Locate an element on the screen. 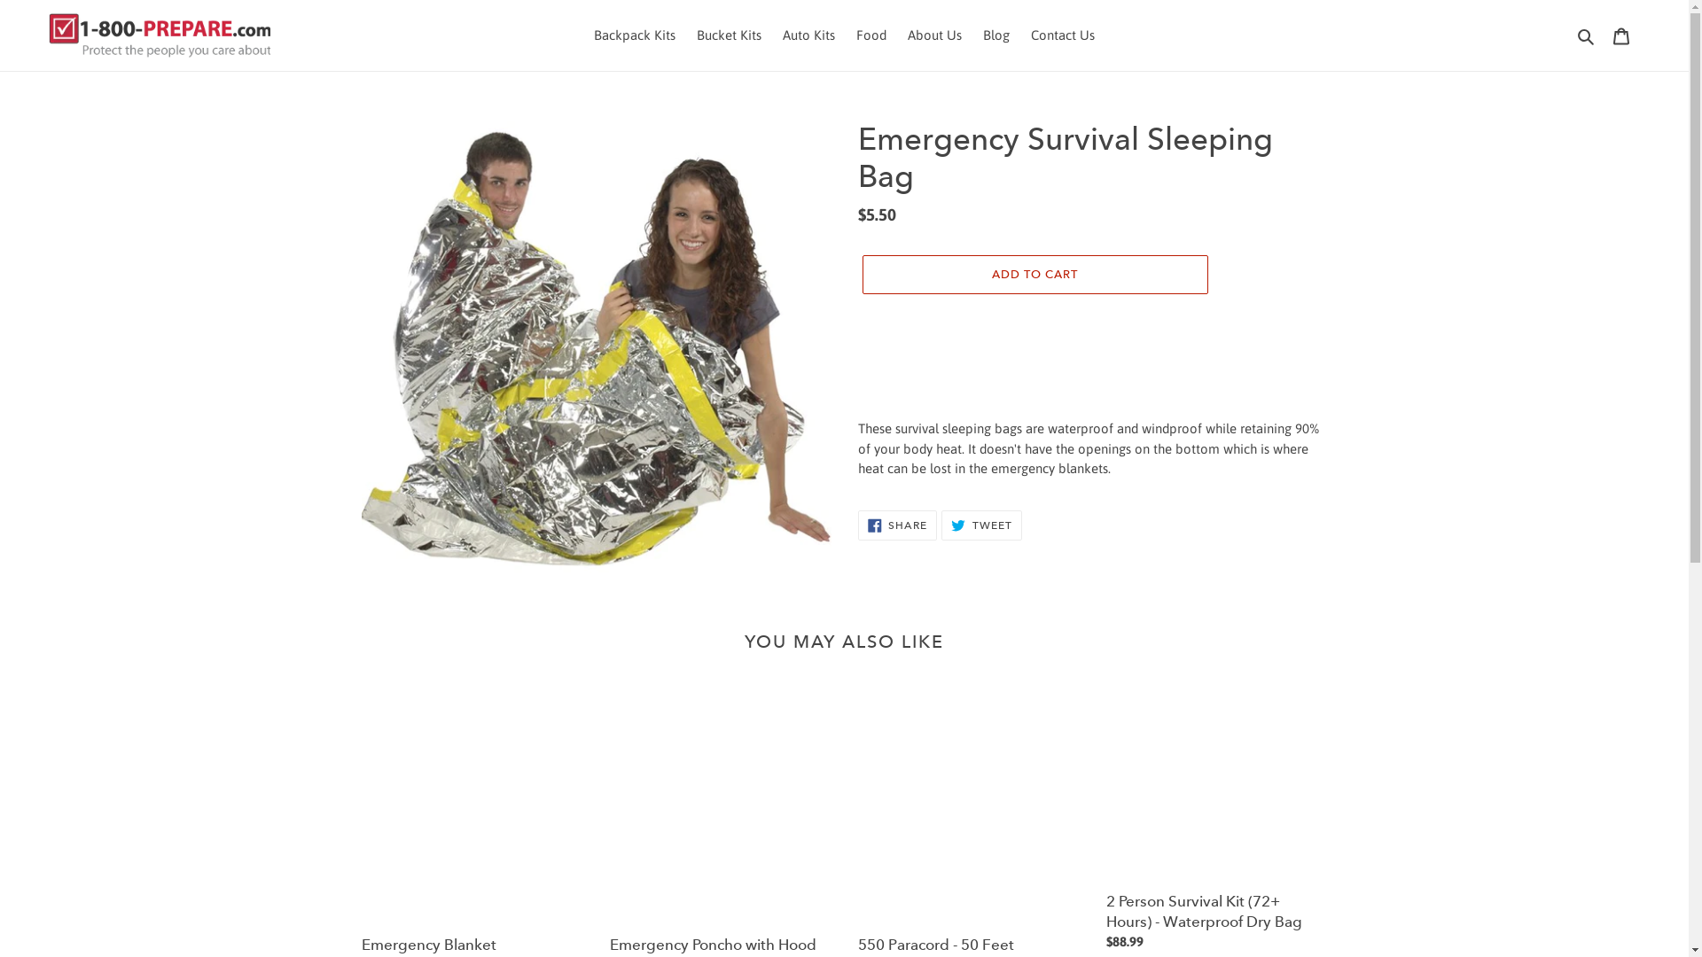  'Bucket Kits' is located at coordinates (729, 35).